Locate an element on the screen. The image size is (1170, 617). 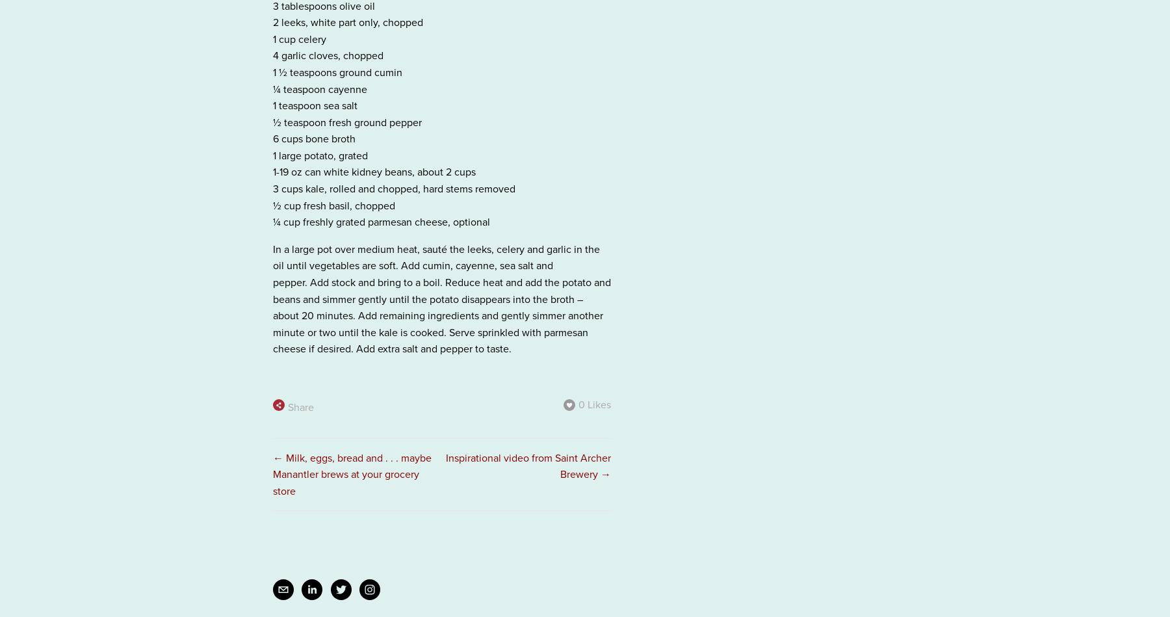
'1-19 oz can white kidney beans, about 2 cups' is located at coordinates (374, 171).